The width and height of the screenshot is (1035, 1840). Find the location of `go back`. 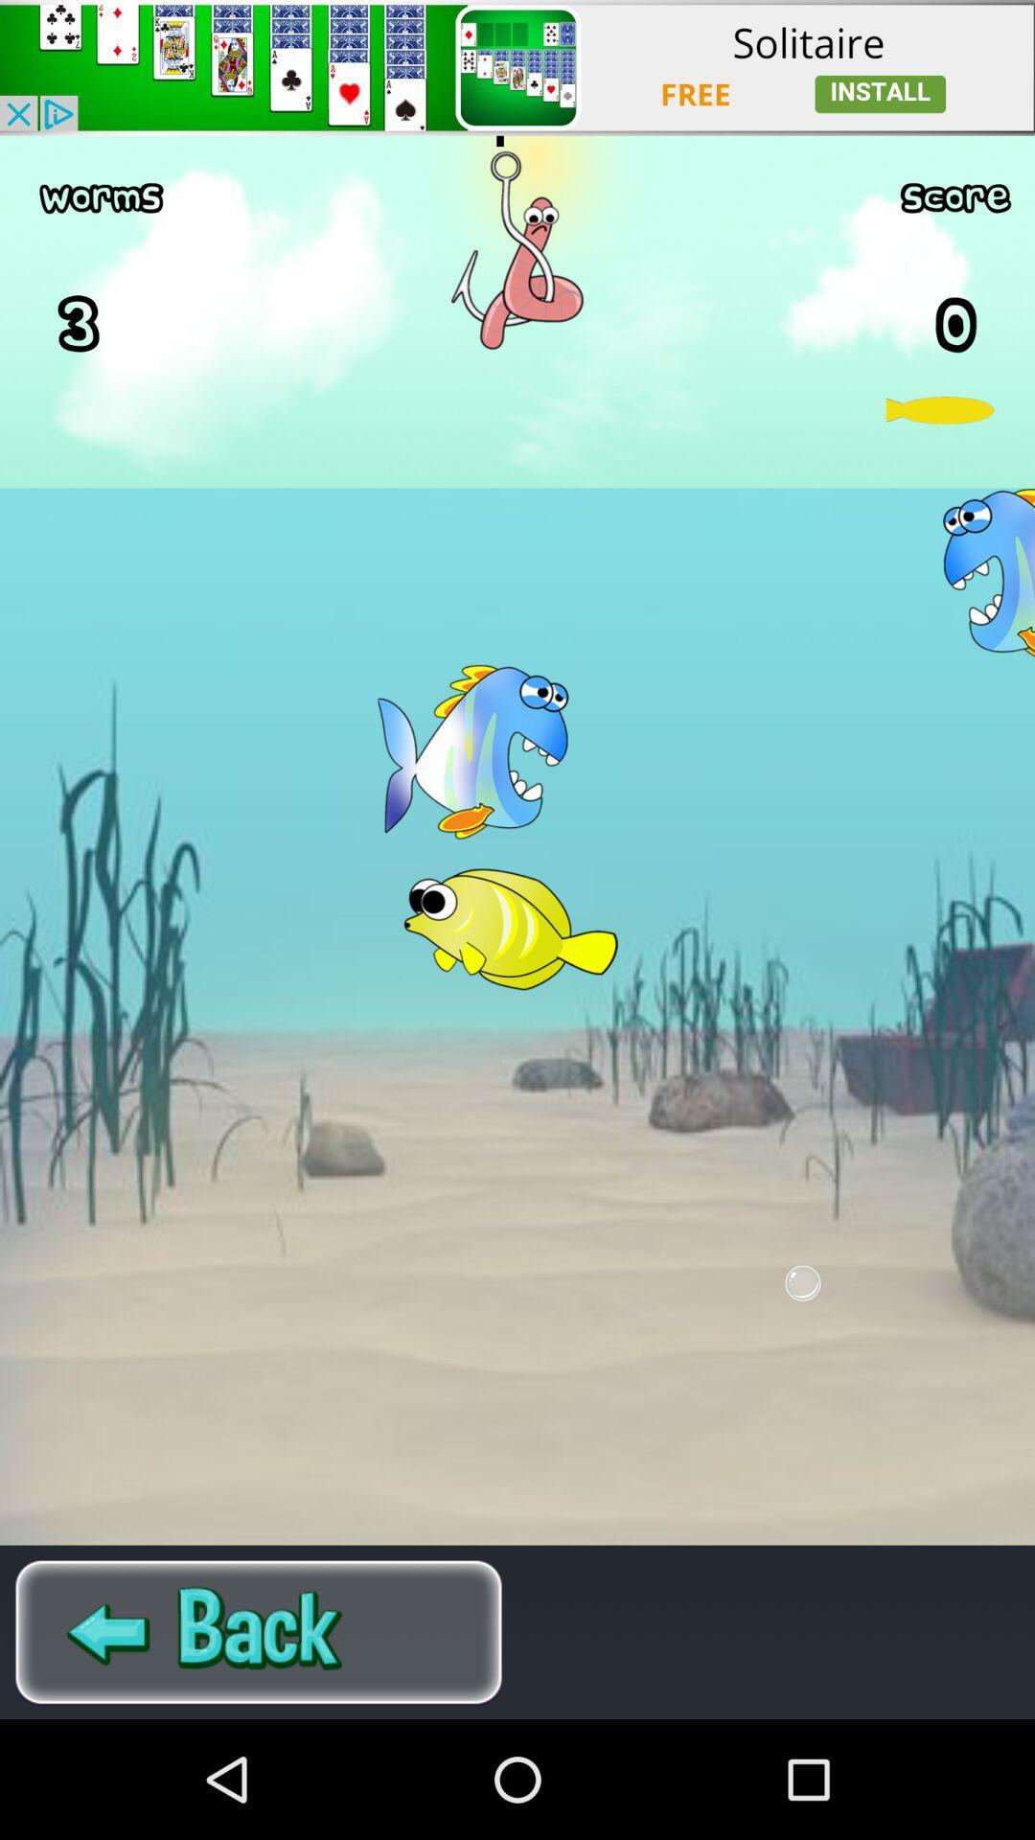

go back is located at coordinates (259, 1631).